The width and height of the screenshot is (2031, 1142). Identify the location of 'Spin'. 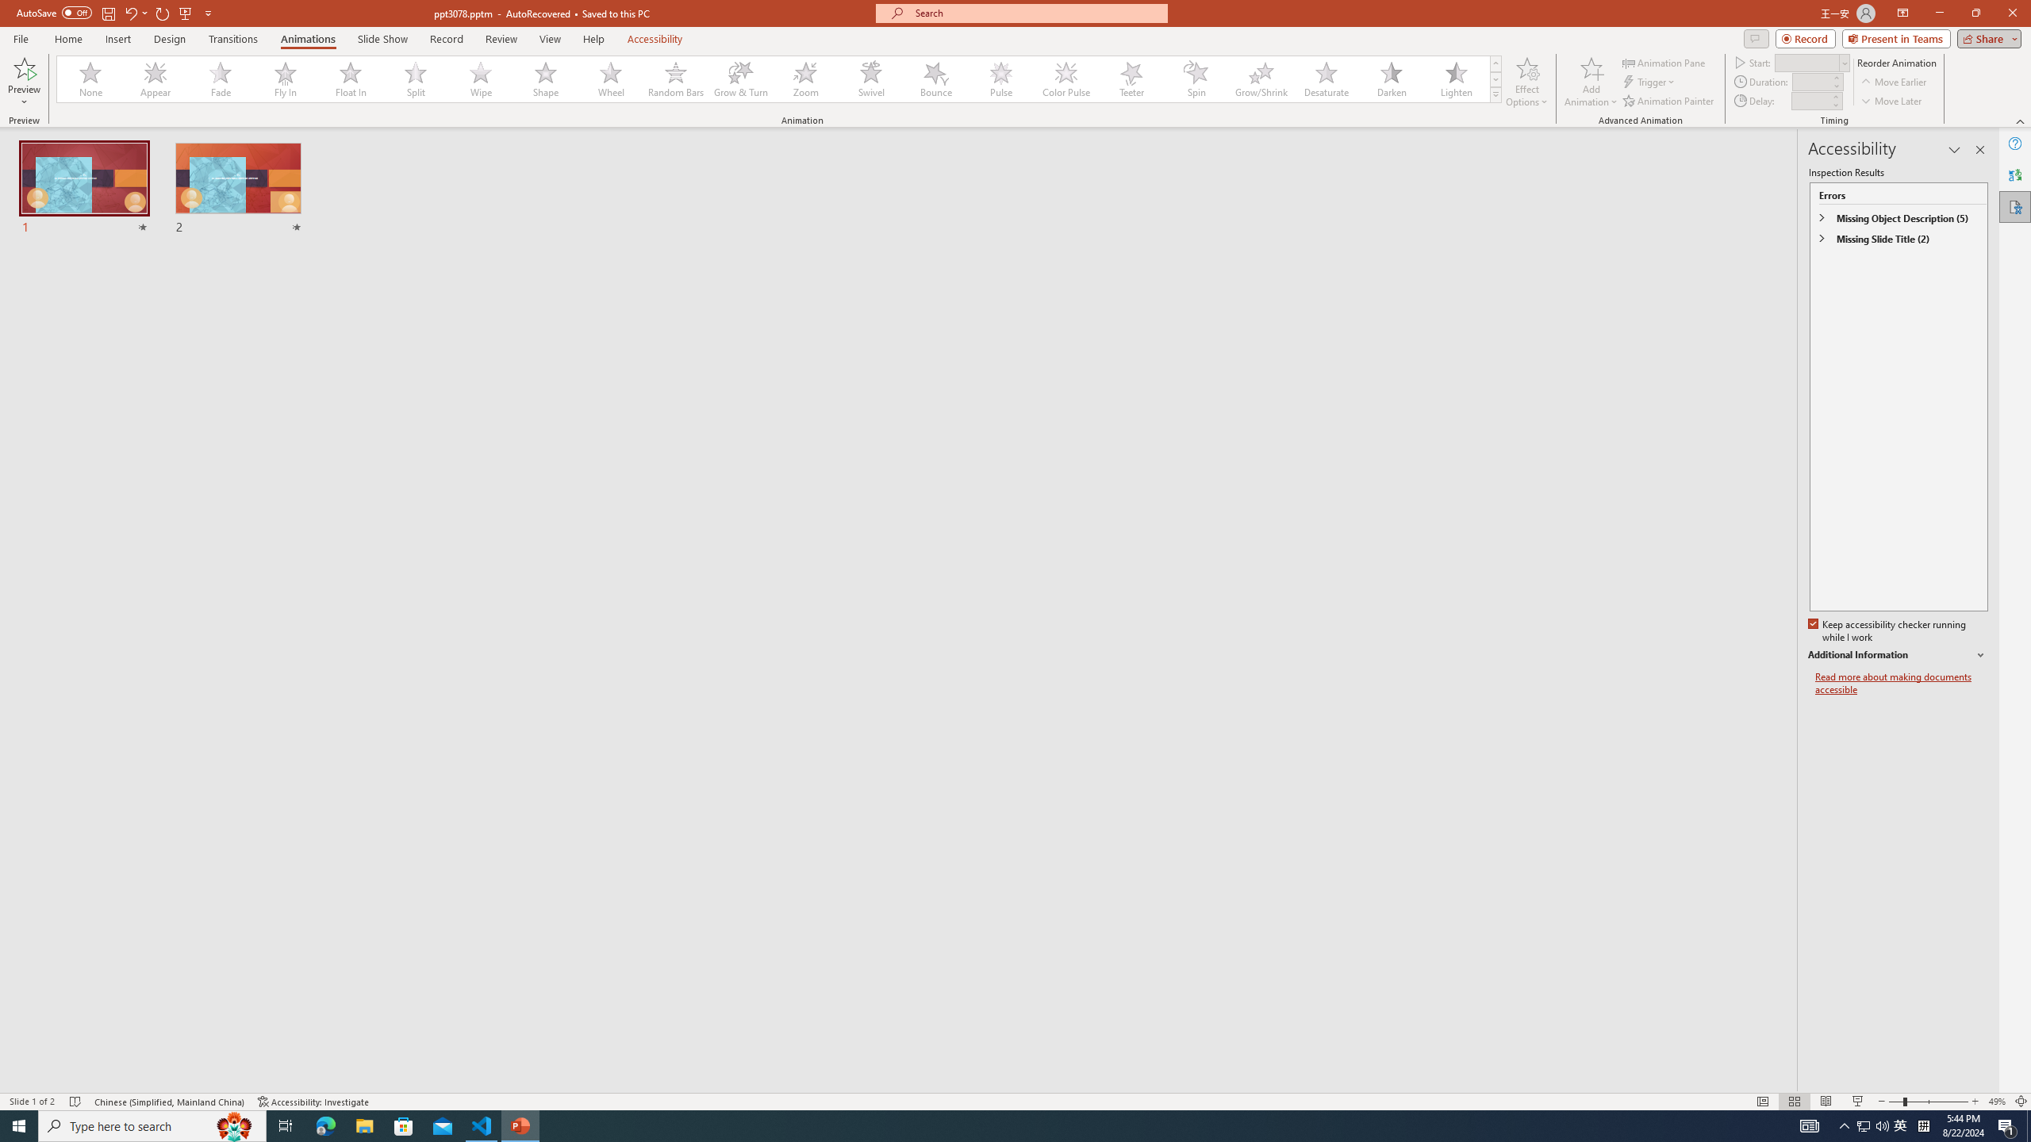
(1196, 79).